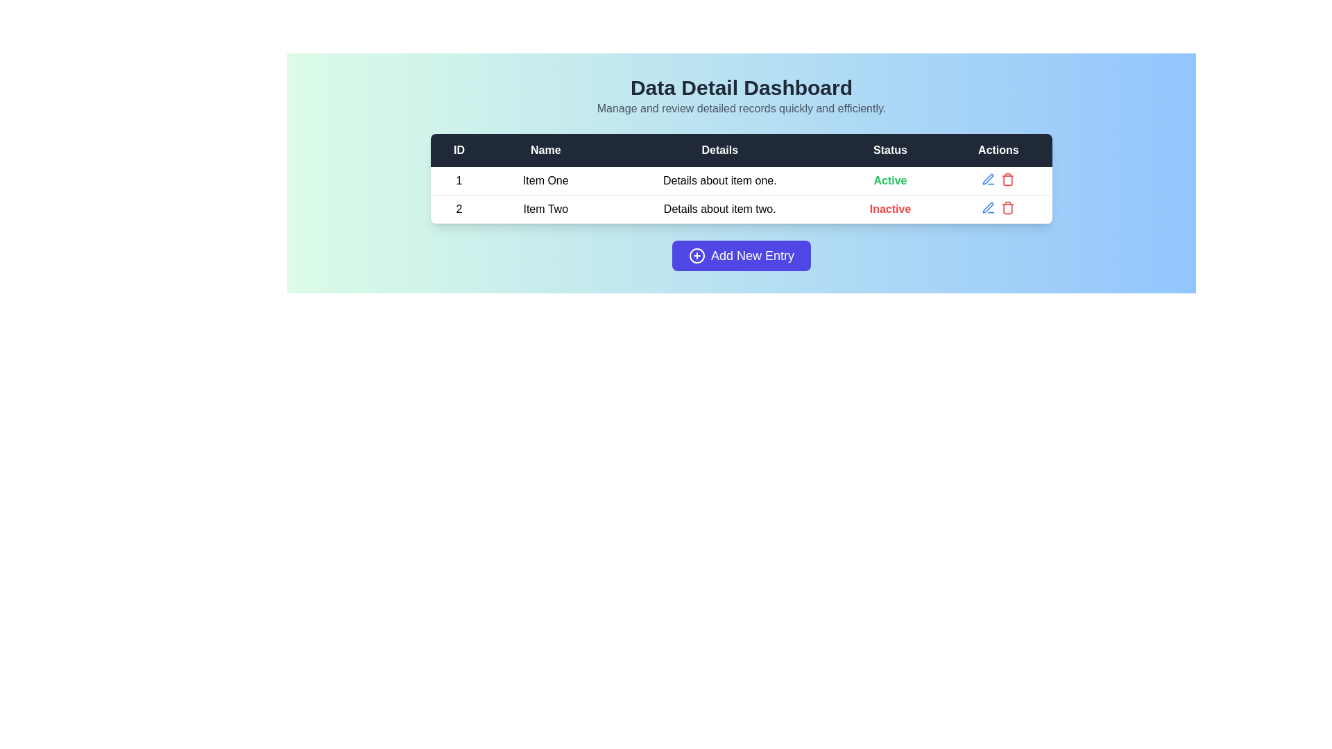  I want to click on the delete button, which is the third interactive icon in the 'Actions' column of the first row in the data table, positioned to the right of the edit icon, so click(1008, 178).